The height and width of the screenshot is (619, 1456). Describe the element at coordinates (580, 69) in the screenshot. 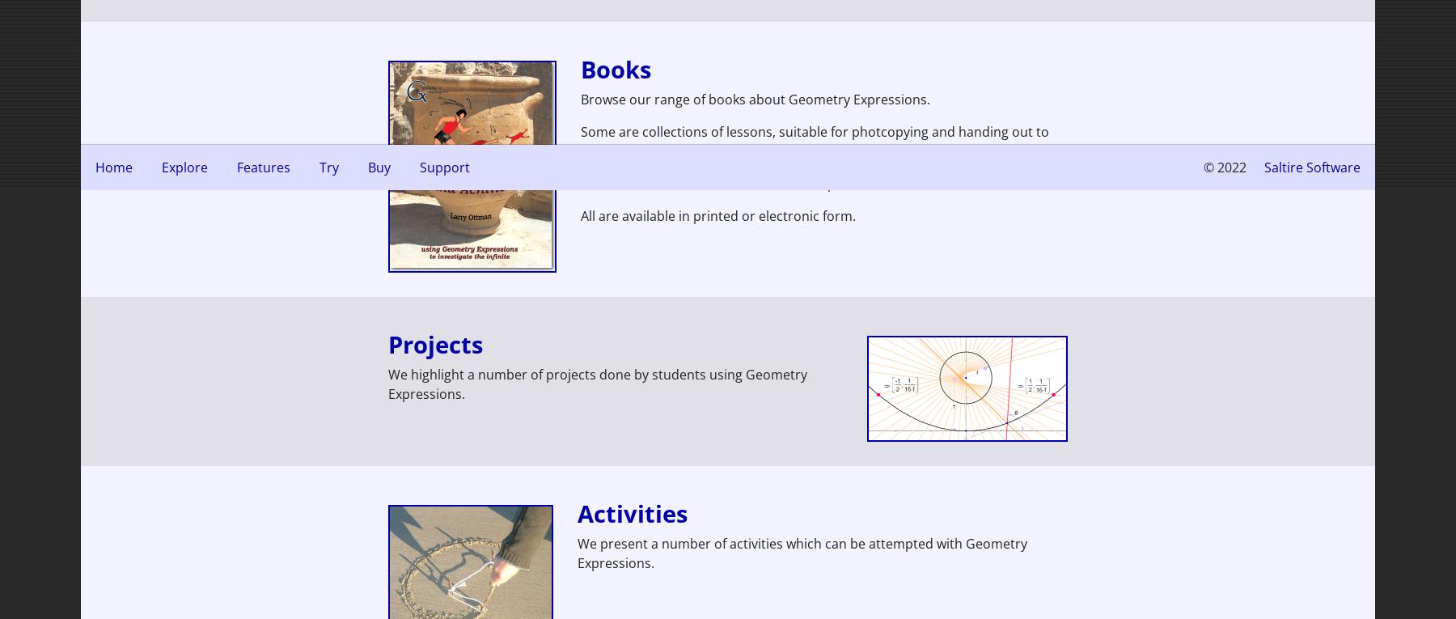

I see `'Books'` at that location.